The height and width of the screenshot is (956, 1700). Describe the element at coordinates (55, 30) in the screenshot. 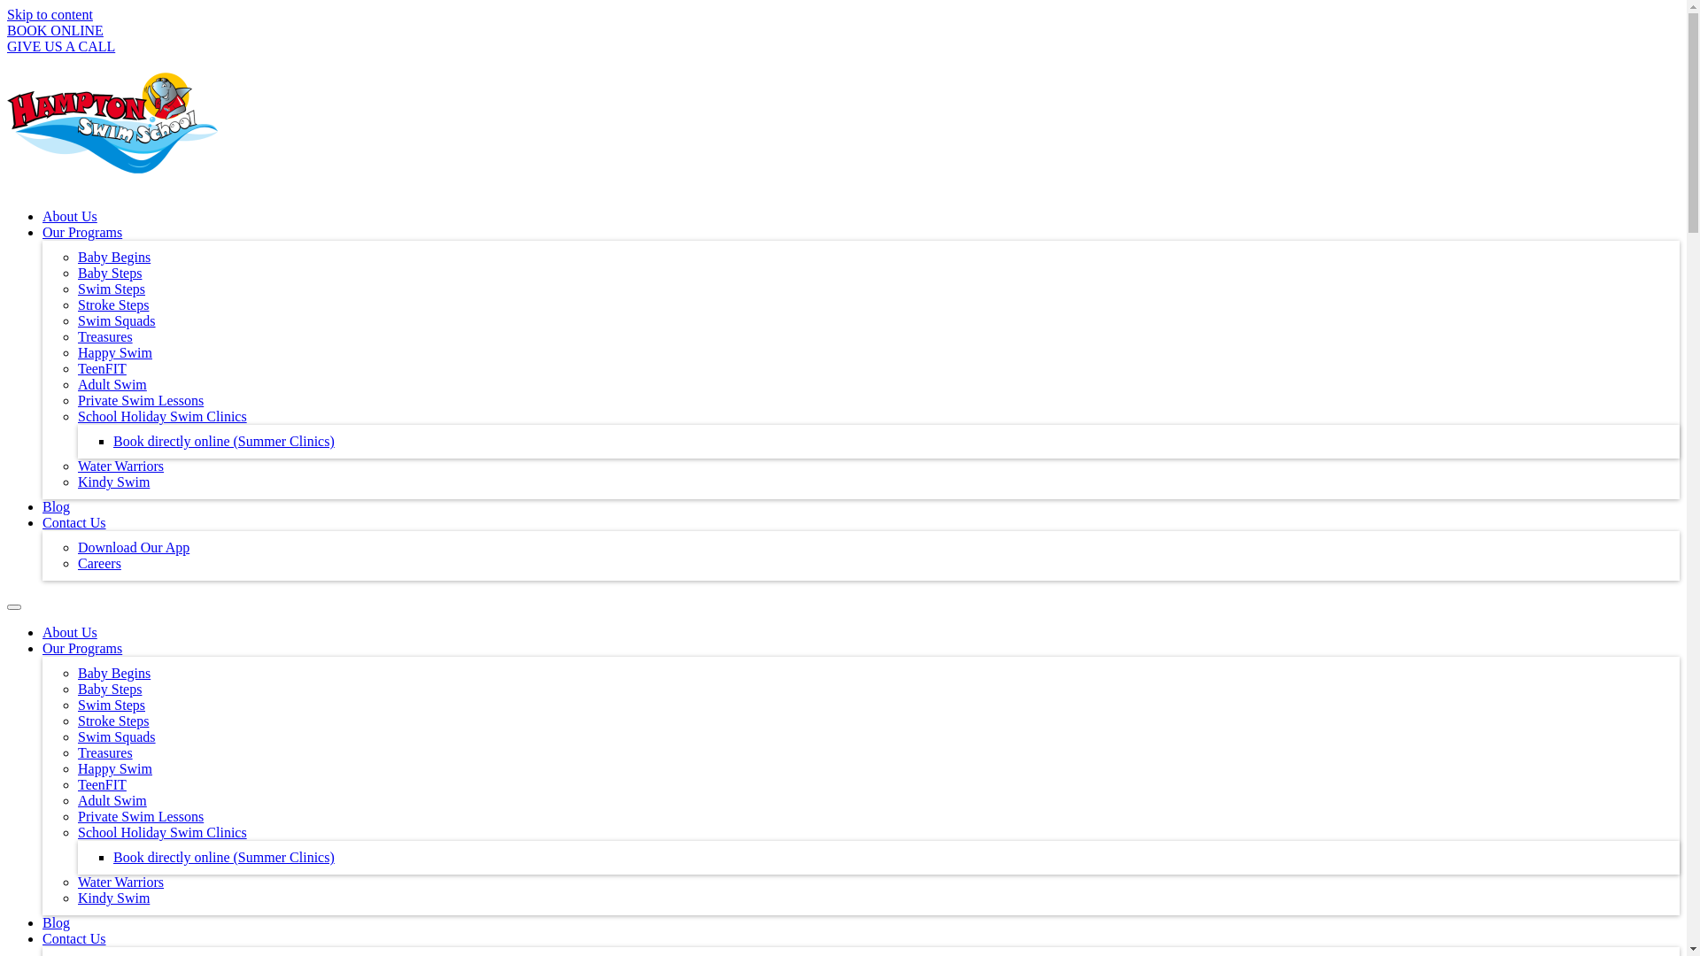

I see `'BOOK ONLINE'` at that location.